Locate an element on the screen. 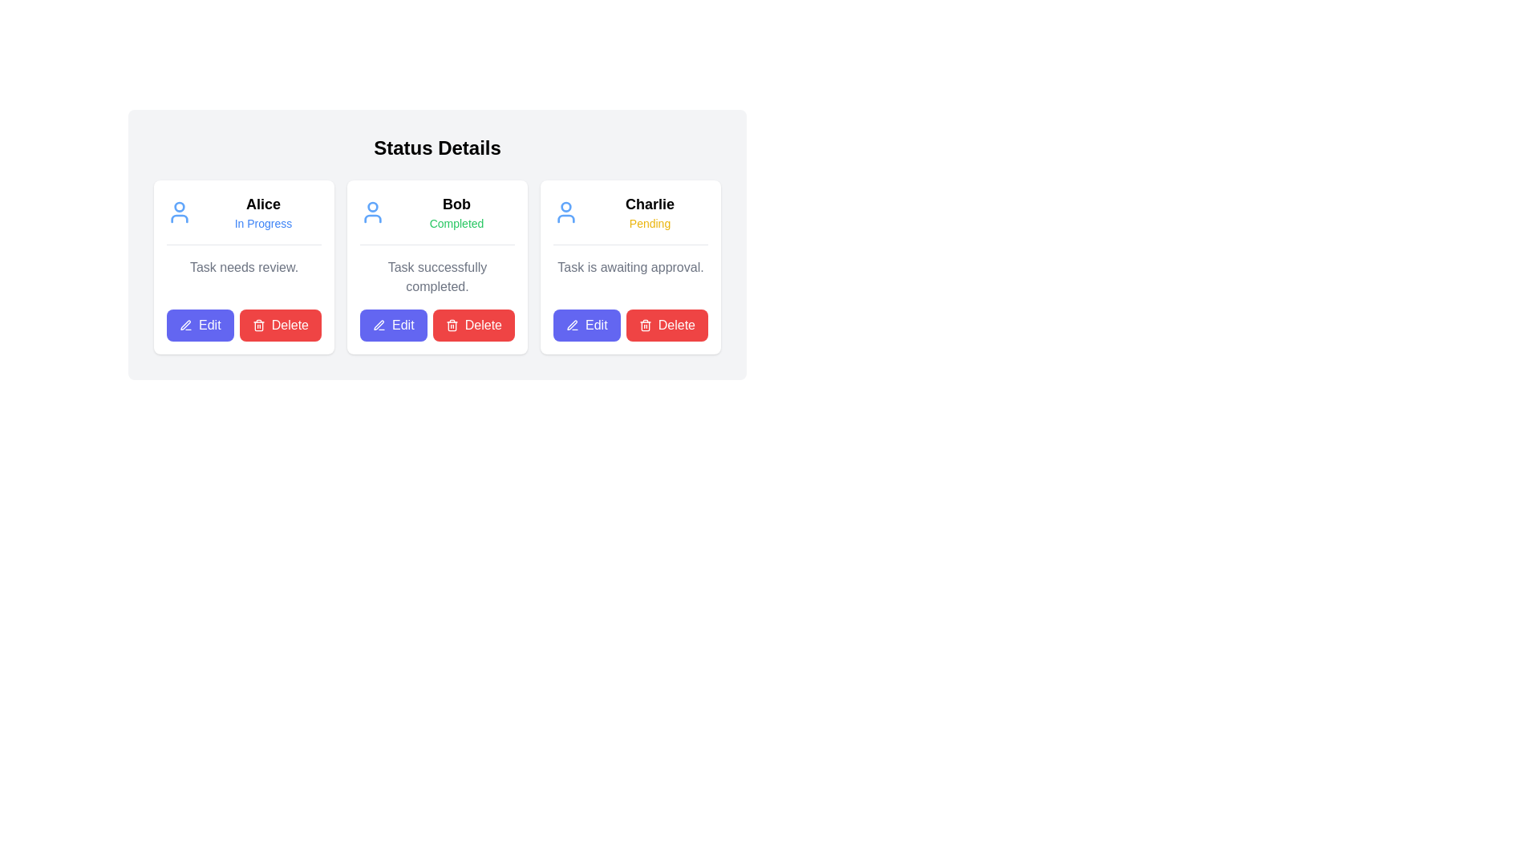 The width and height of the screenshot is (1540, 866). the 'Edit' button, which is a rectangular button with a blue background and white text, located under the name 'Bob' in a card layout, to initiate editing is located at coordinates (393, 325).